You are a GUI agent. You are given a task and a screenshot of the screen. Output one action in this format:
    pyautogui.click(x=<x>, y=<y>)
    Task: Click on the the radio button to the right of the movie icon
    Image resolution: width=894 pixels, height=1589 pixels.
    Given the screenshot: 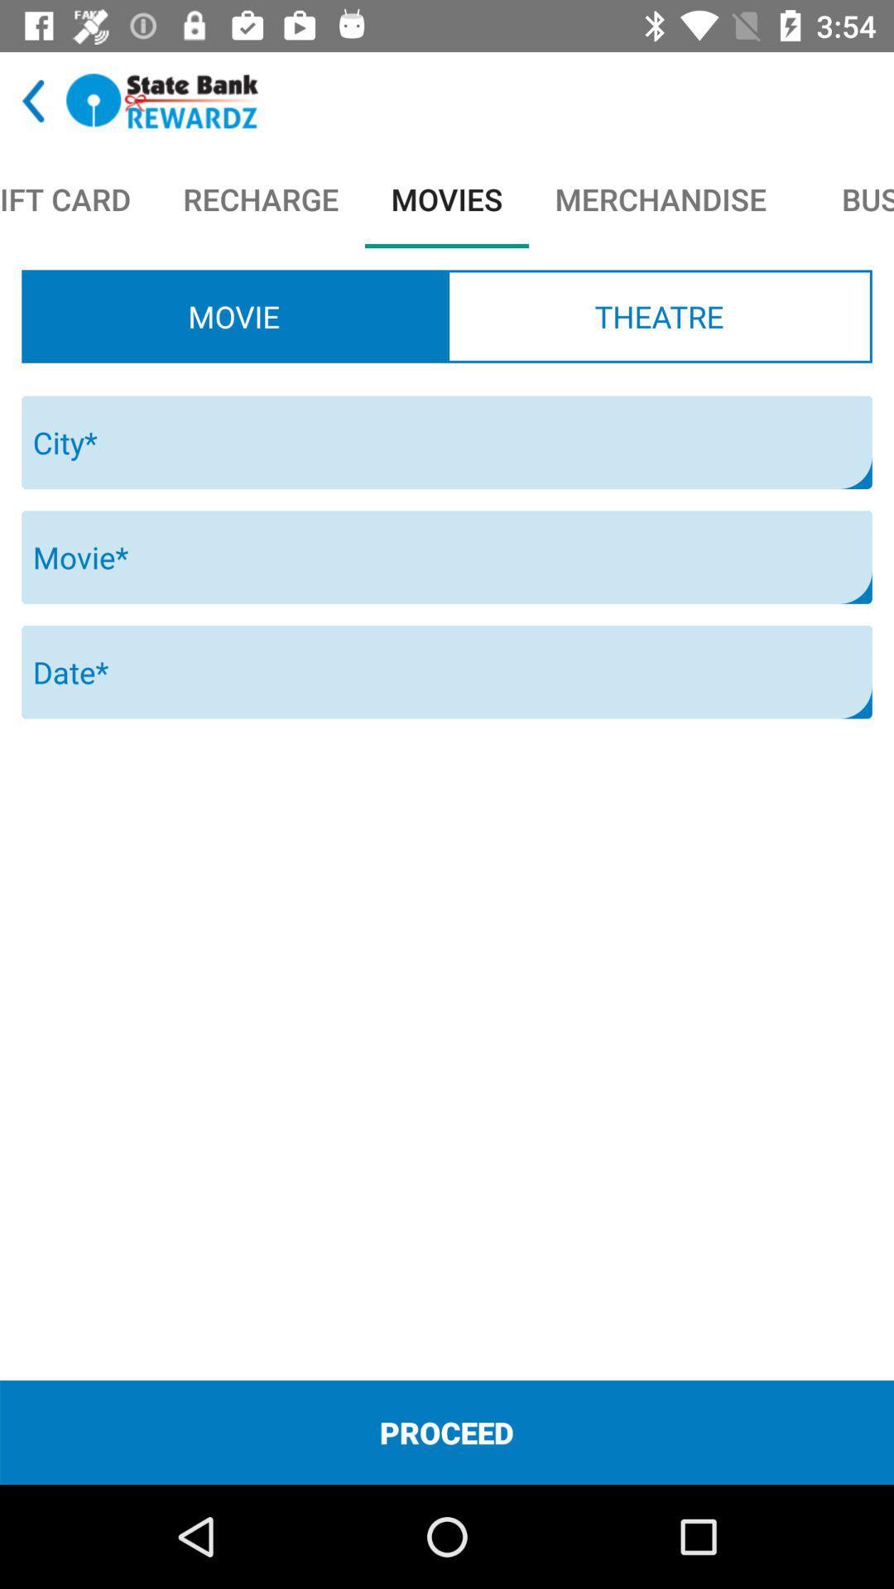 What is the action you would take?
    pyautogui.click(x=658, y=316)
    